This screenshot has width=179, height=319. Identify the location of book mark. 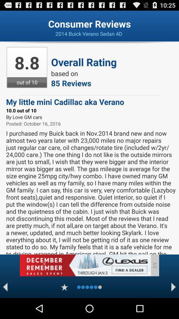
(64, 287).